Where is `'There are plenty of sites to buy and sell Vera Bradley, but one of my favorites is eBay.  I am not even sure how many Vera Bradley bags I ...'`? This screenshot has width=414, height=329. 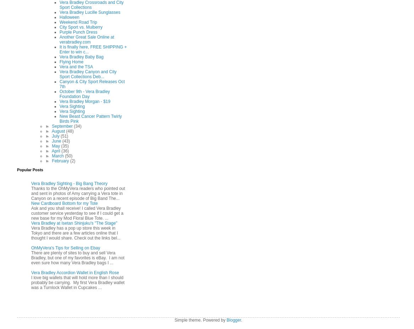
'There are plenty of sites to buy and sell Vera Bradley, but one of my favorites is eBay.  I am not even sure how many Vera Bradley bags I ...' is located at coordinates (78, 258).